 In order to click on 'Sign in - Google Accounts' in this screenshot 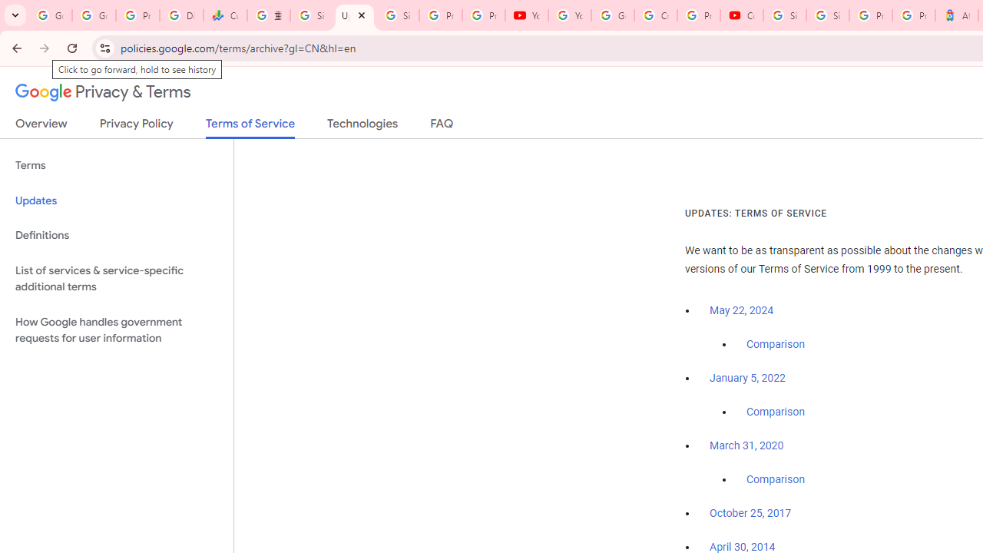, I will do `click(310, 15)`.